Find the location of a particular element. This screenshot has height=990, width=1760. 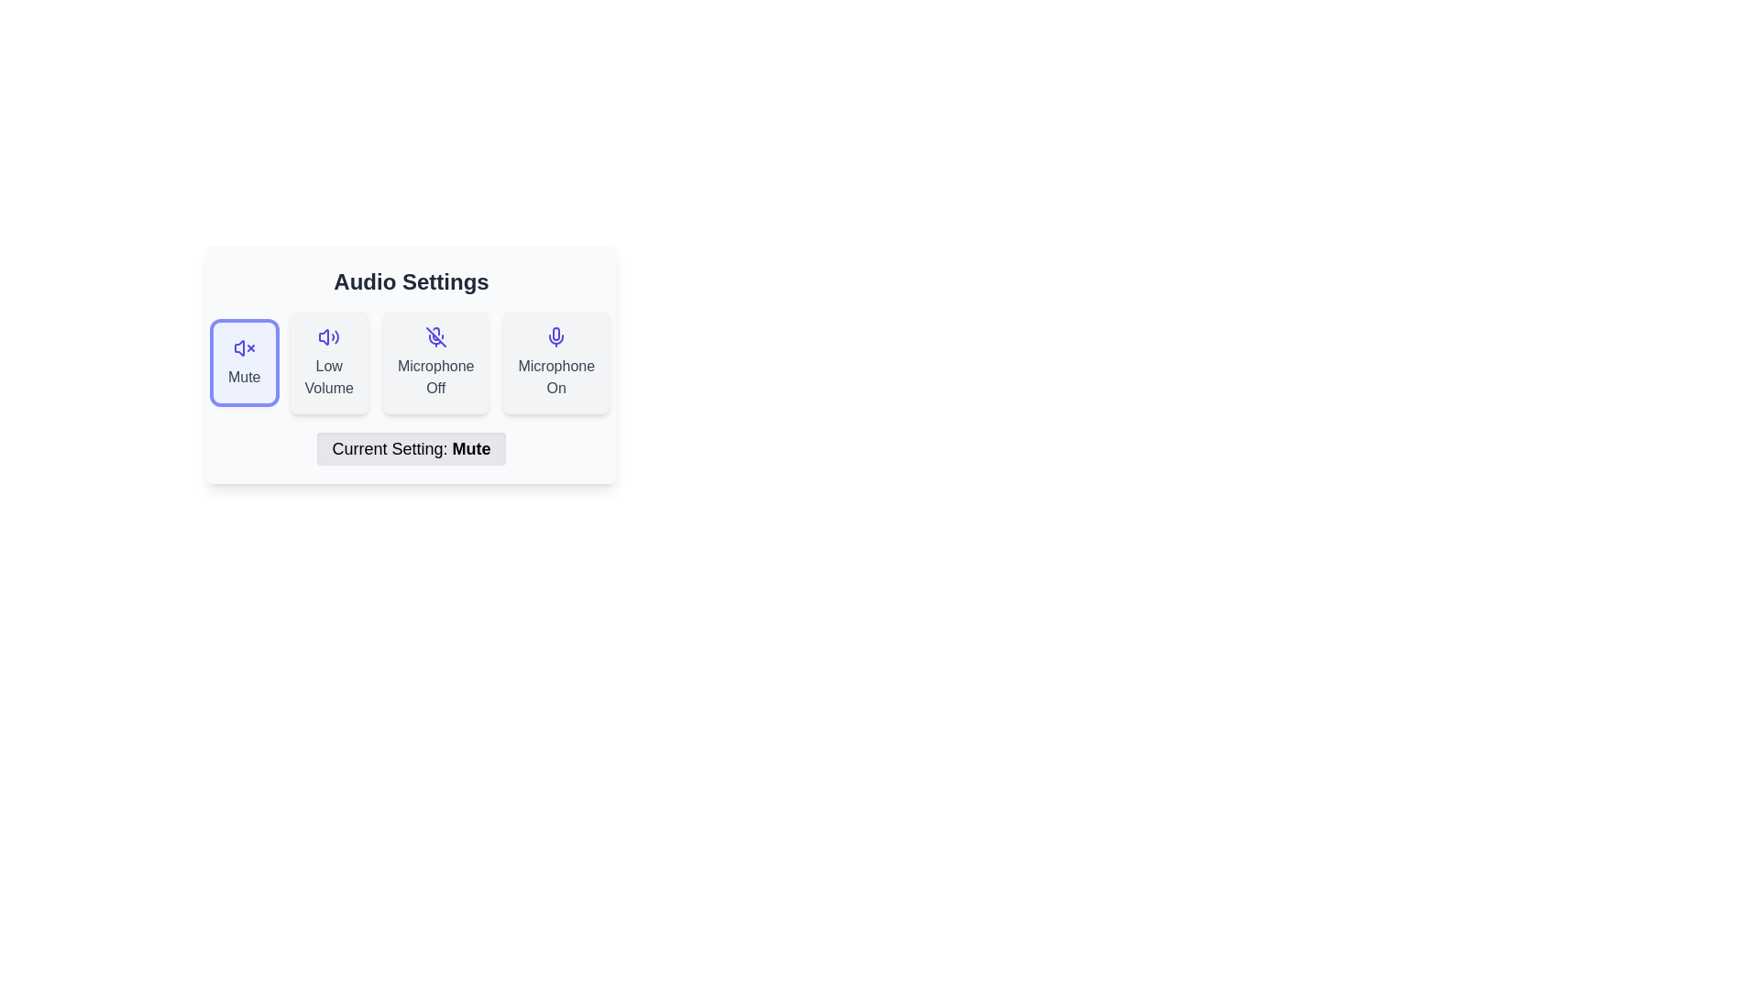

the SVG icon representing a muted audio speaker within the 'Mute' button is located at coordinates (243, 348).